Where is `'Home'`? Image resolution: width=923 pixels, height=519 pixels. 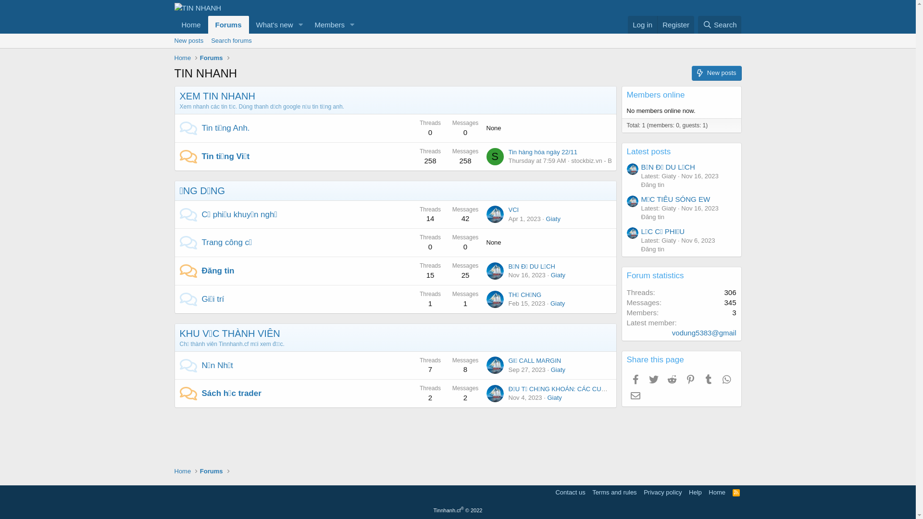
'Home' is located at coordinates (191, 24).